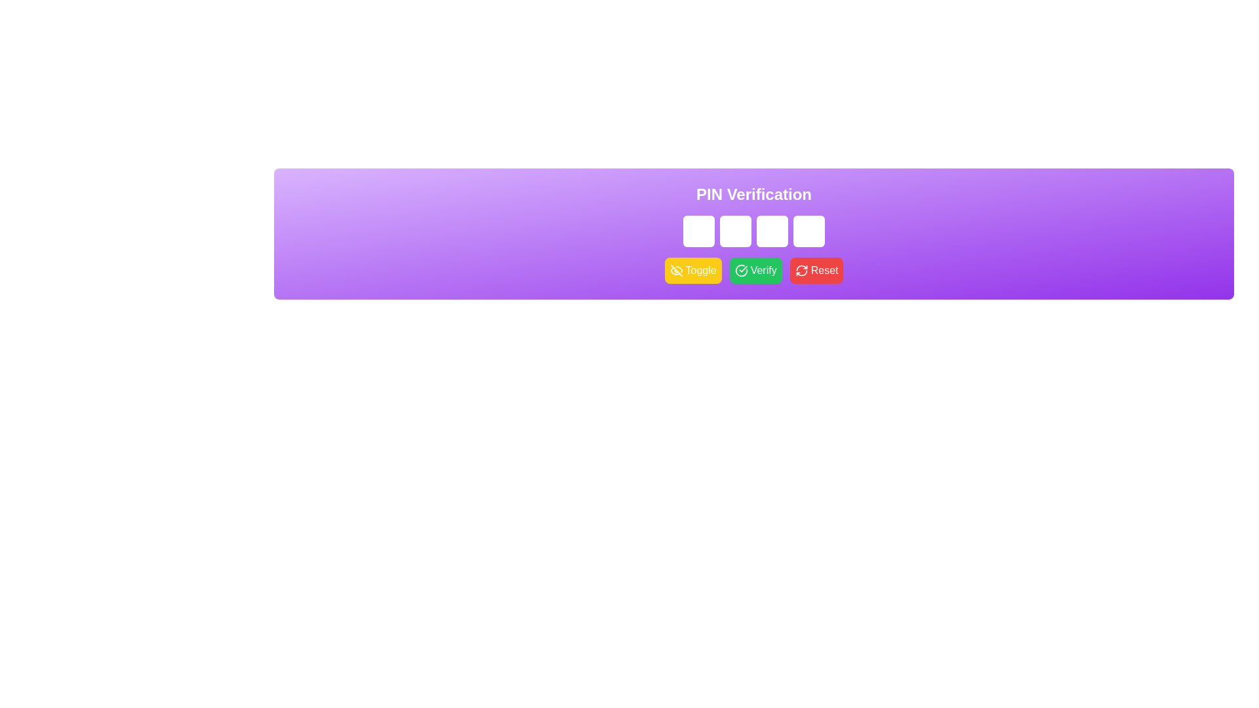 This screenshot has width=1259, height=708. I want to click on the 'Verify' button, so click(741, 269).